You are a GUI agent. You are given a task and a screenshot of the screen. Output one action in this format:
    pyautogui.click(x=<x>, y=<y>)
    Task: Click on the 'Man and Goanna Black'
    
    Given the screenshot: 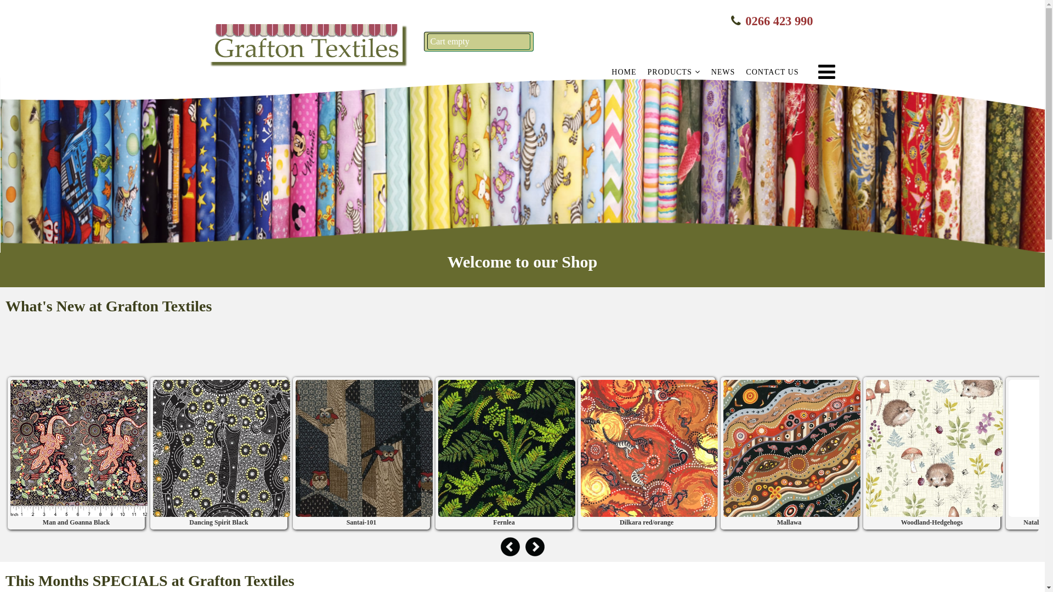 What is the action you would take?
    pyautogui.click(x=78, y=448)
    